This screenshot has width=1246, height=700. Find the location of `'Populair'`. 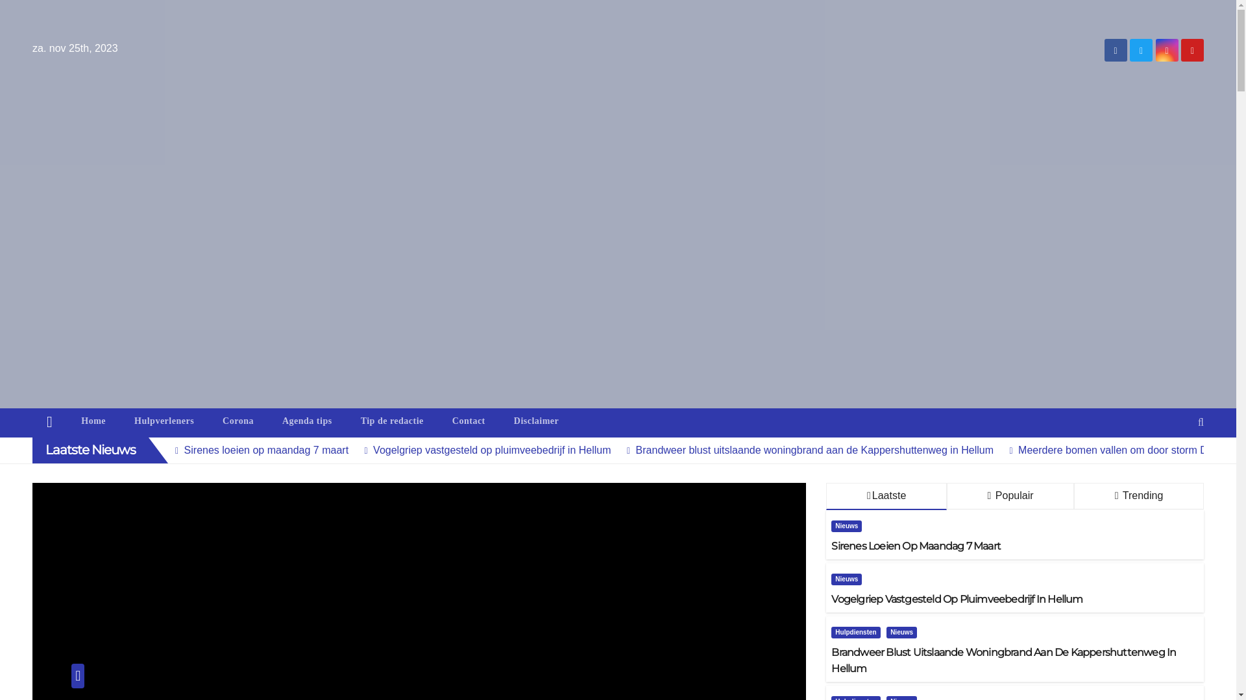

'Populair' is located at coordinates (1009, 496).